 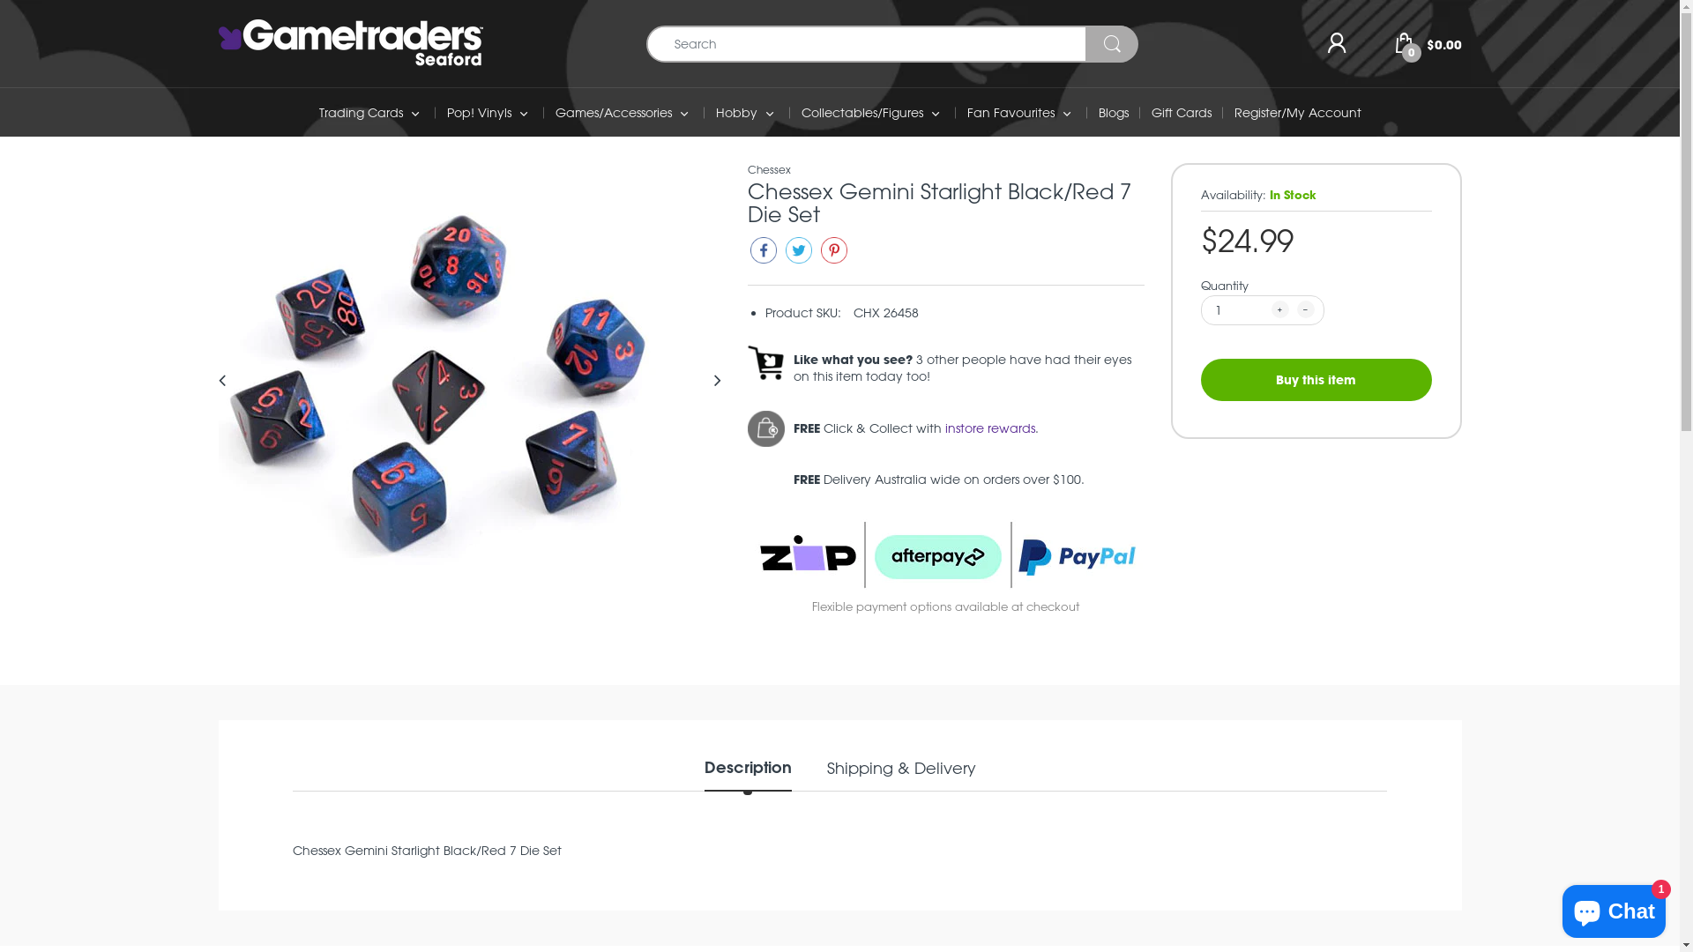 What do you see at coordinates (817, 254) in the screenshot?
I see `'Pinterest'` at bounding box center [817, 254].